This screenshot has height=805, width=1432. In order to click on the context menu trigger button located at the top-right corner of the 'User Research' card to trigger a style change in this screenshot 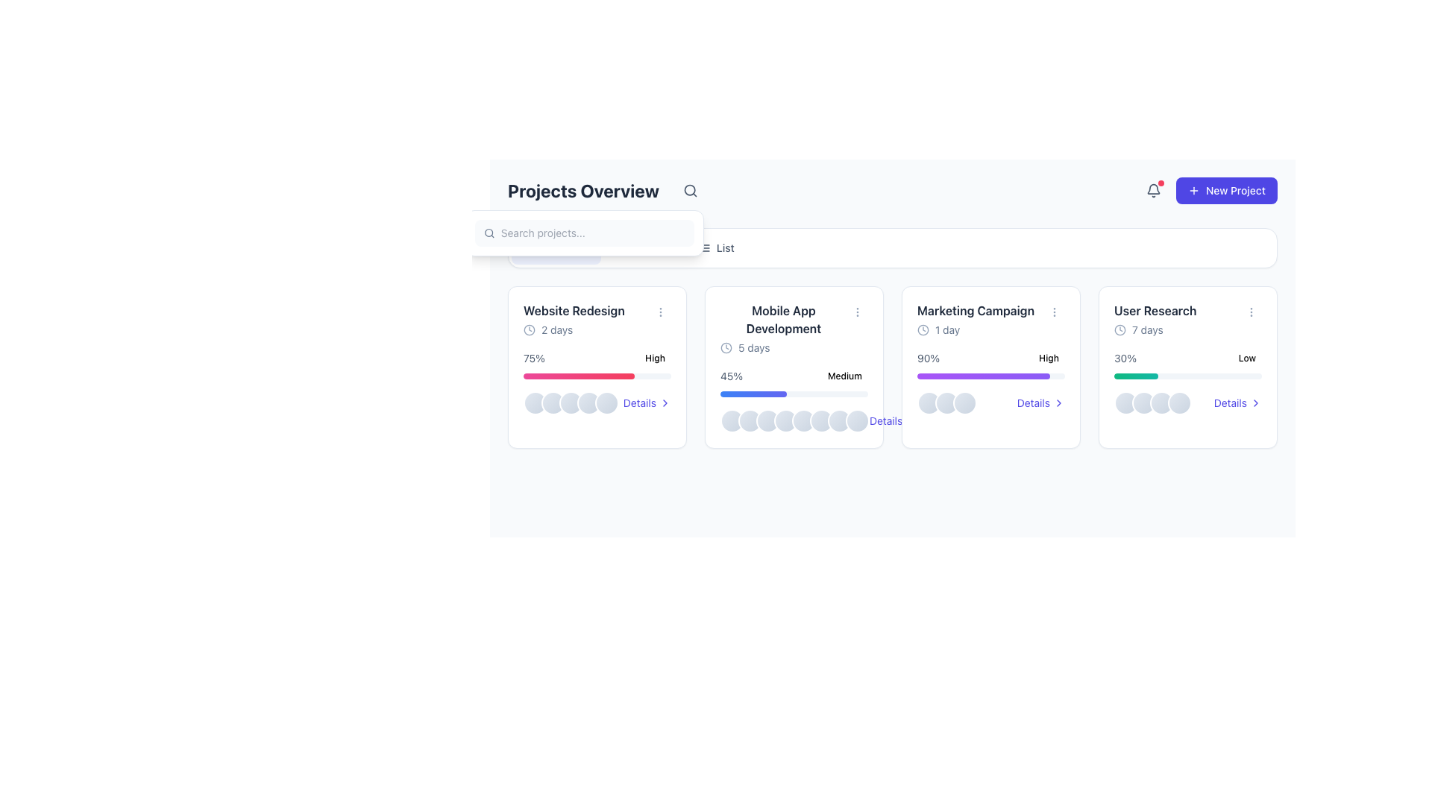, I will do `click(1252, 312)`.